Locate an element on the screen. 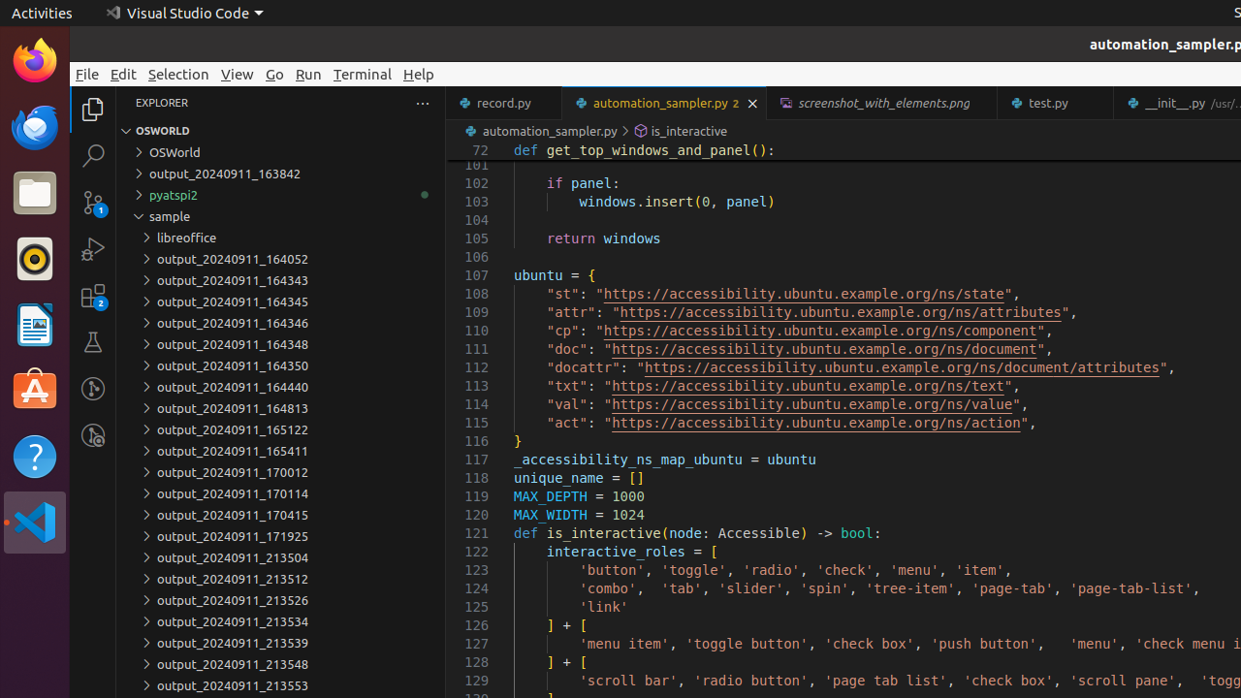  'output_20240911_164345' is located at coordinates (279, 301).